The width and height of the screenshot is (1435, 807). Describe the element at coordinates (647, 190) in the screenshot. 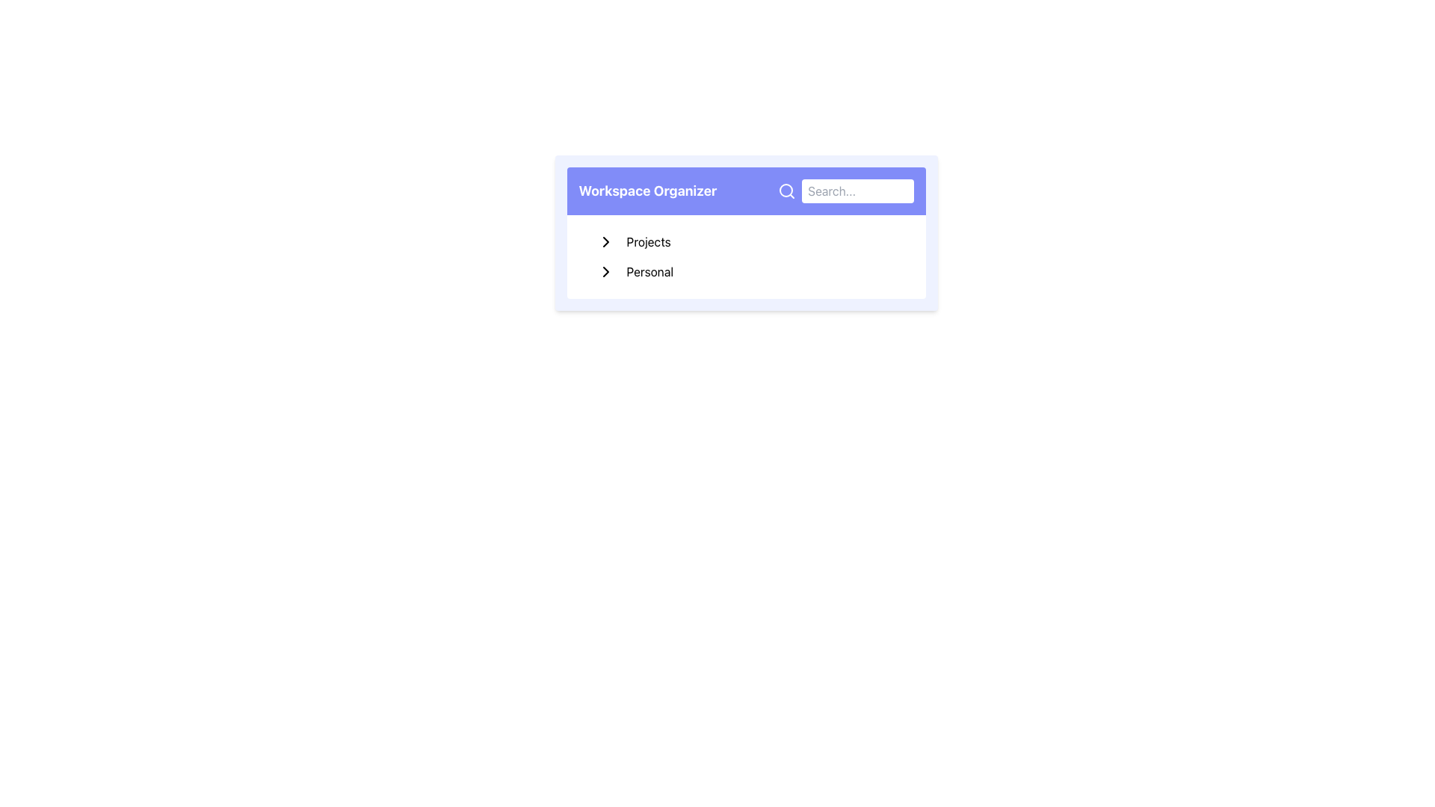

I see `the text element displaying the title 'Workspace Organizer', which is located on the left side of the header section, adjacent to a magnifying glass icon and a search input field` at that location.